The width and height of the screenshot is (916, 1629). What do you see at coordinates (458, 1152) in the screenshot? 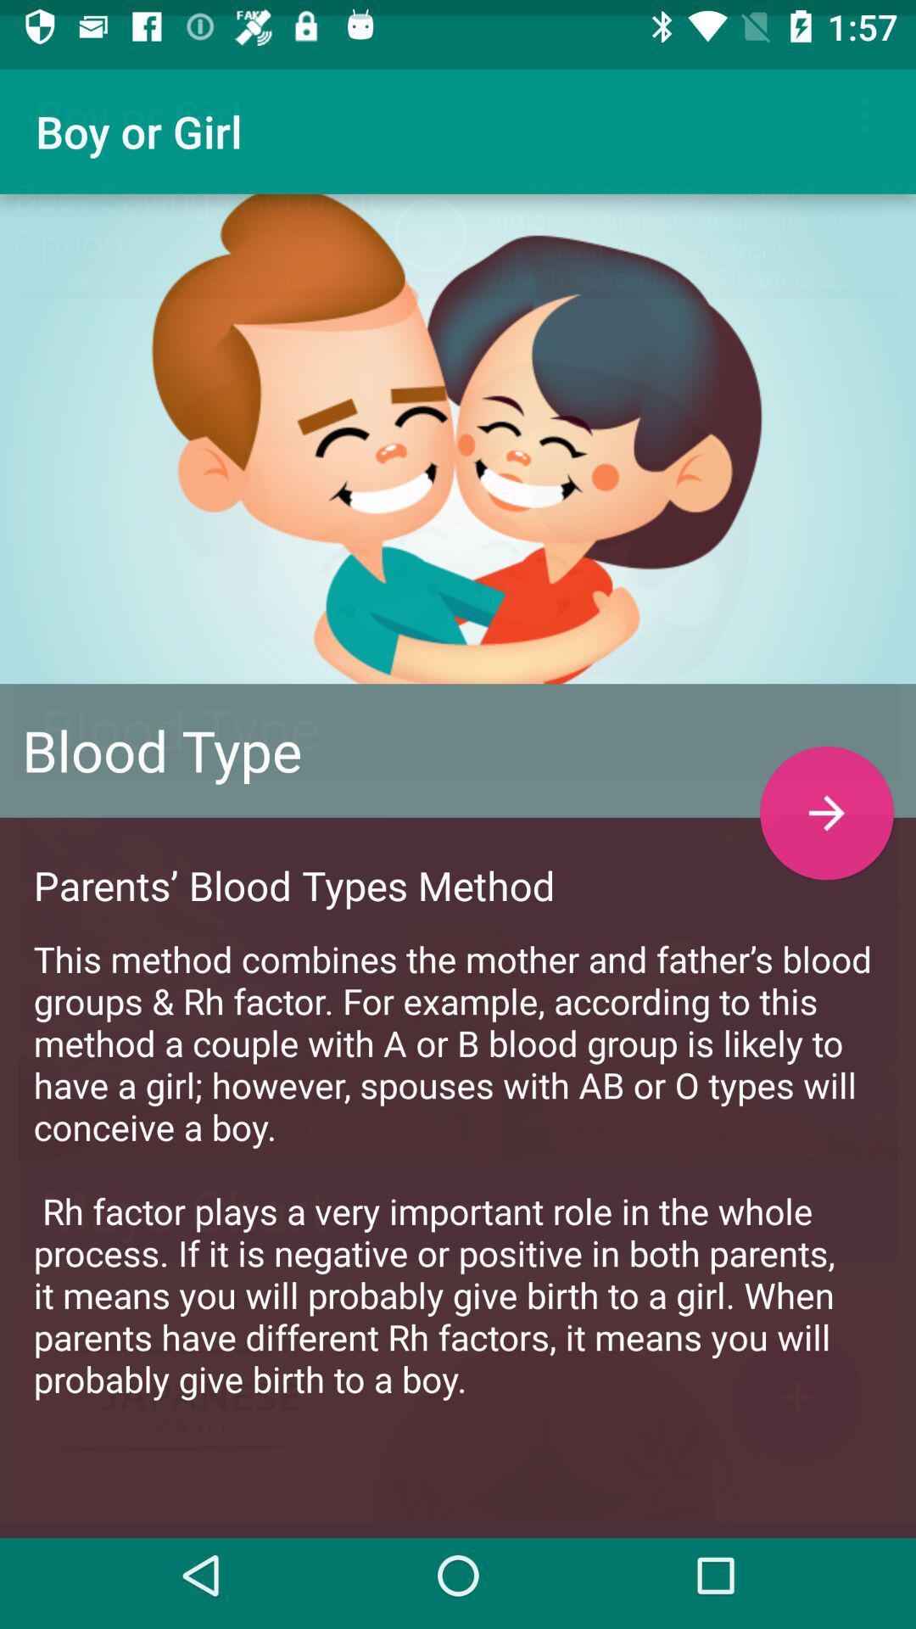
I see `the this method combines item` at bounding box center [458, 1152].